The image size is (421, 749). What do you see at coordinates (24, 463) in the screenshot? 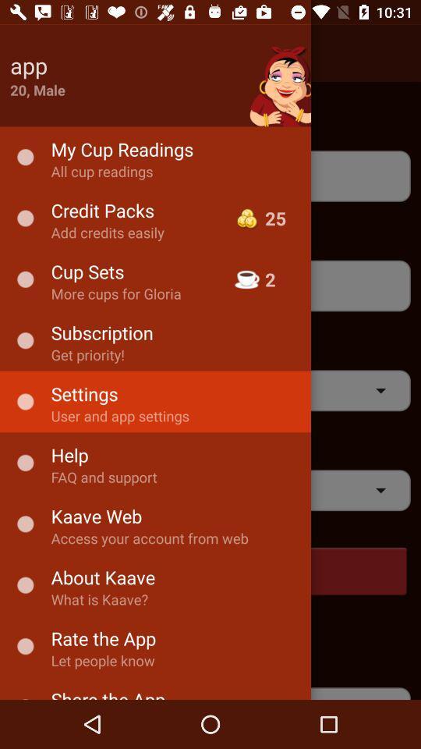
I see `the radio button which is before help` at bounding box center [24, 463].